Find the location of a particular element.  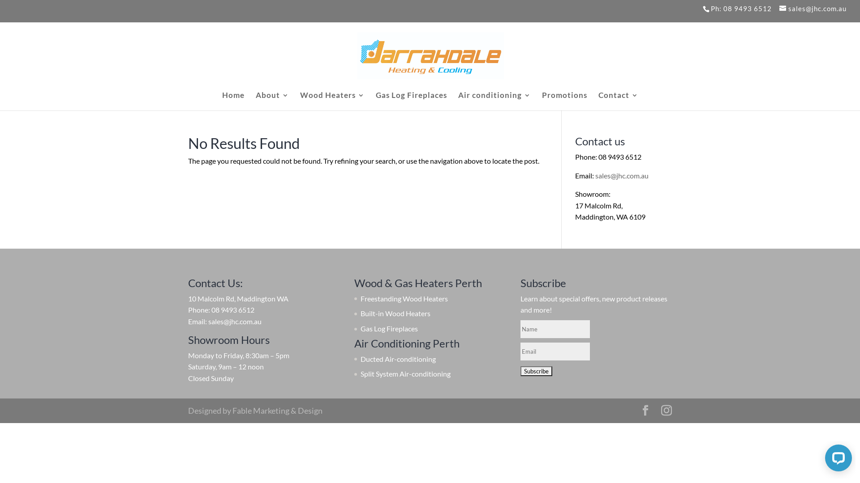

'Built-in Wood Heaters' is located at coordinates (395, 313).